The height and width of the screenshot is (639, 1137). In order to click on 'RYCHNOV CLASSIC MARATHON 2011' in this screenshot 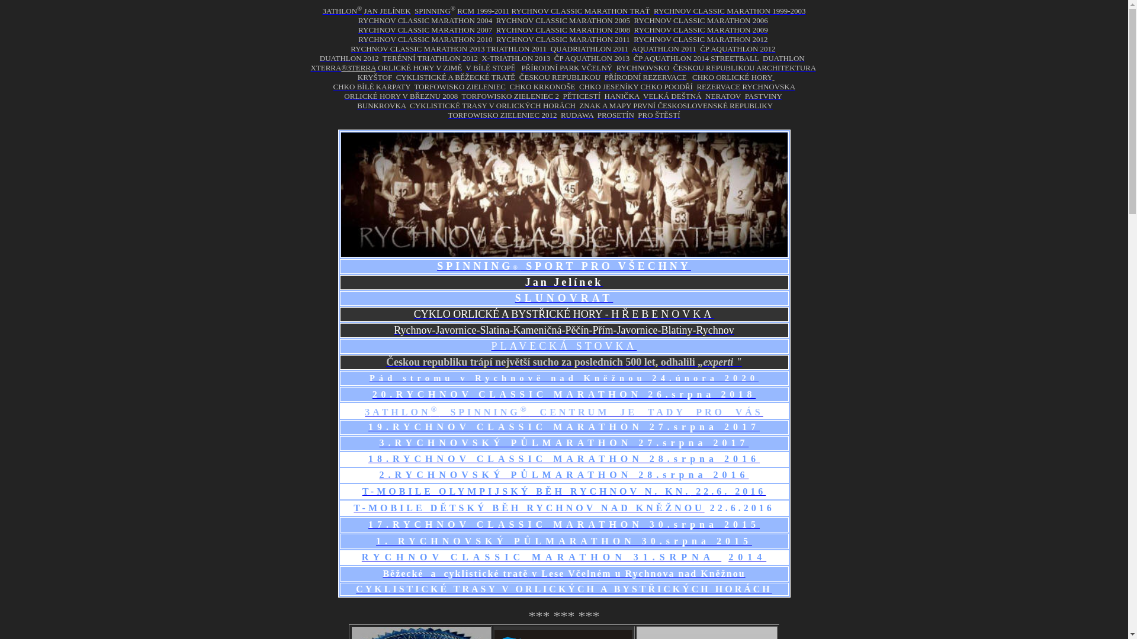, I will do `click(562, 38)`.